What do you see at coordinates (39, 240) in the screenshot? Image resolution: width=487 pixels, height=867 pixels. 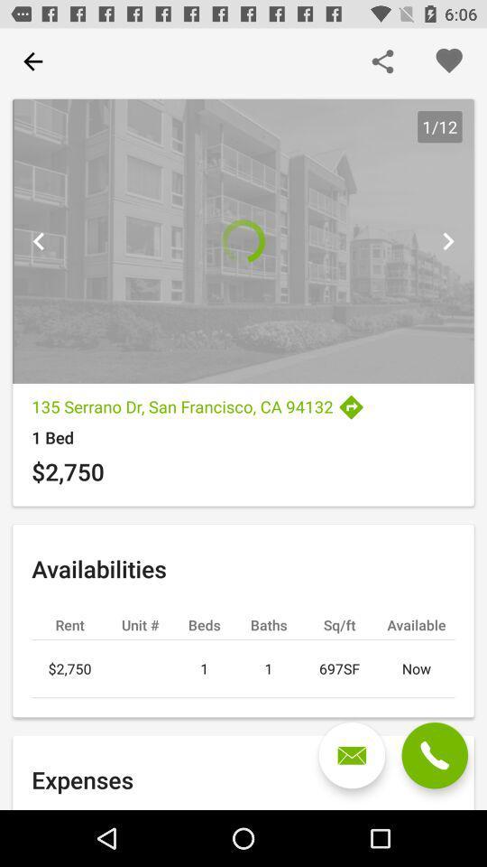 I see `go back` at bounding box center [39, 240].